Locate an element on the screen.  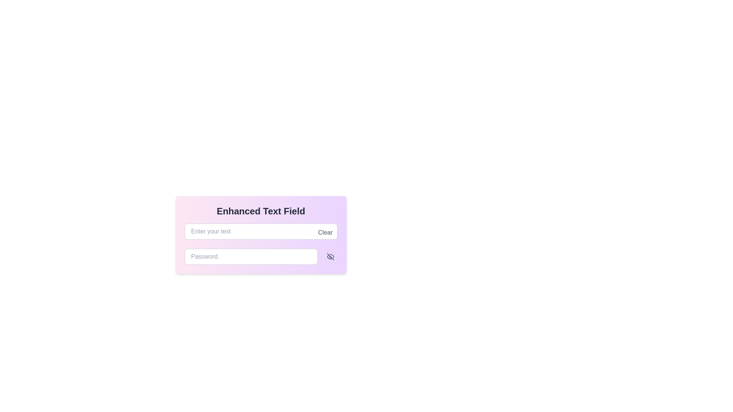
the bottom-left curved line of the 'eye off' icon, which indicates a 'hidden' or 'hidden password' state is located at coordinates (329, 257).